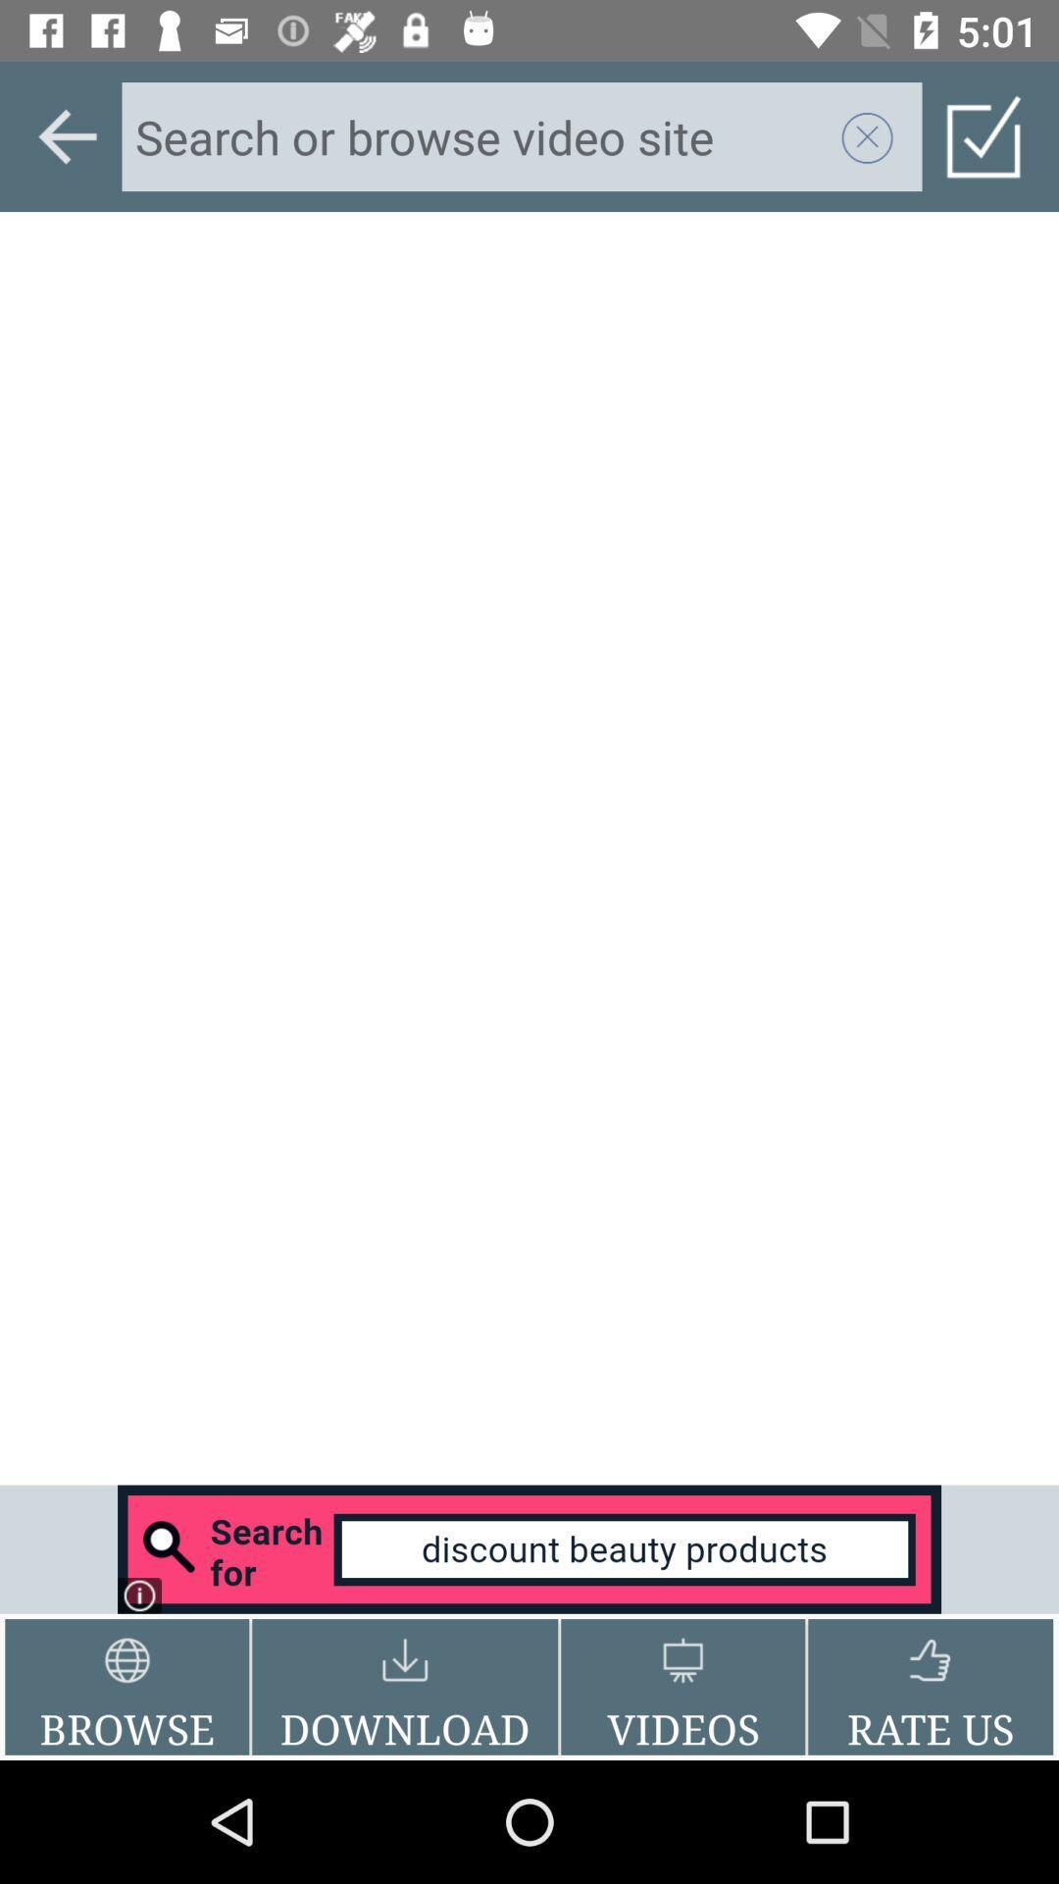 The height and width of the screenshot is (1884, 1059). What do you see at coordinates (866, 135) in the screenshot?
I see `close` at bounding box center [866, 135].